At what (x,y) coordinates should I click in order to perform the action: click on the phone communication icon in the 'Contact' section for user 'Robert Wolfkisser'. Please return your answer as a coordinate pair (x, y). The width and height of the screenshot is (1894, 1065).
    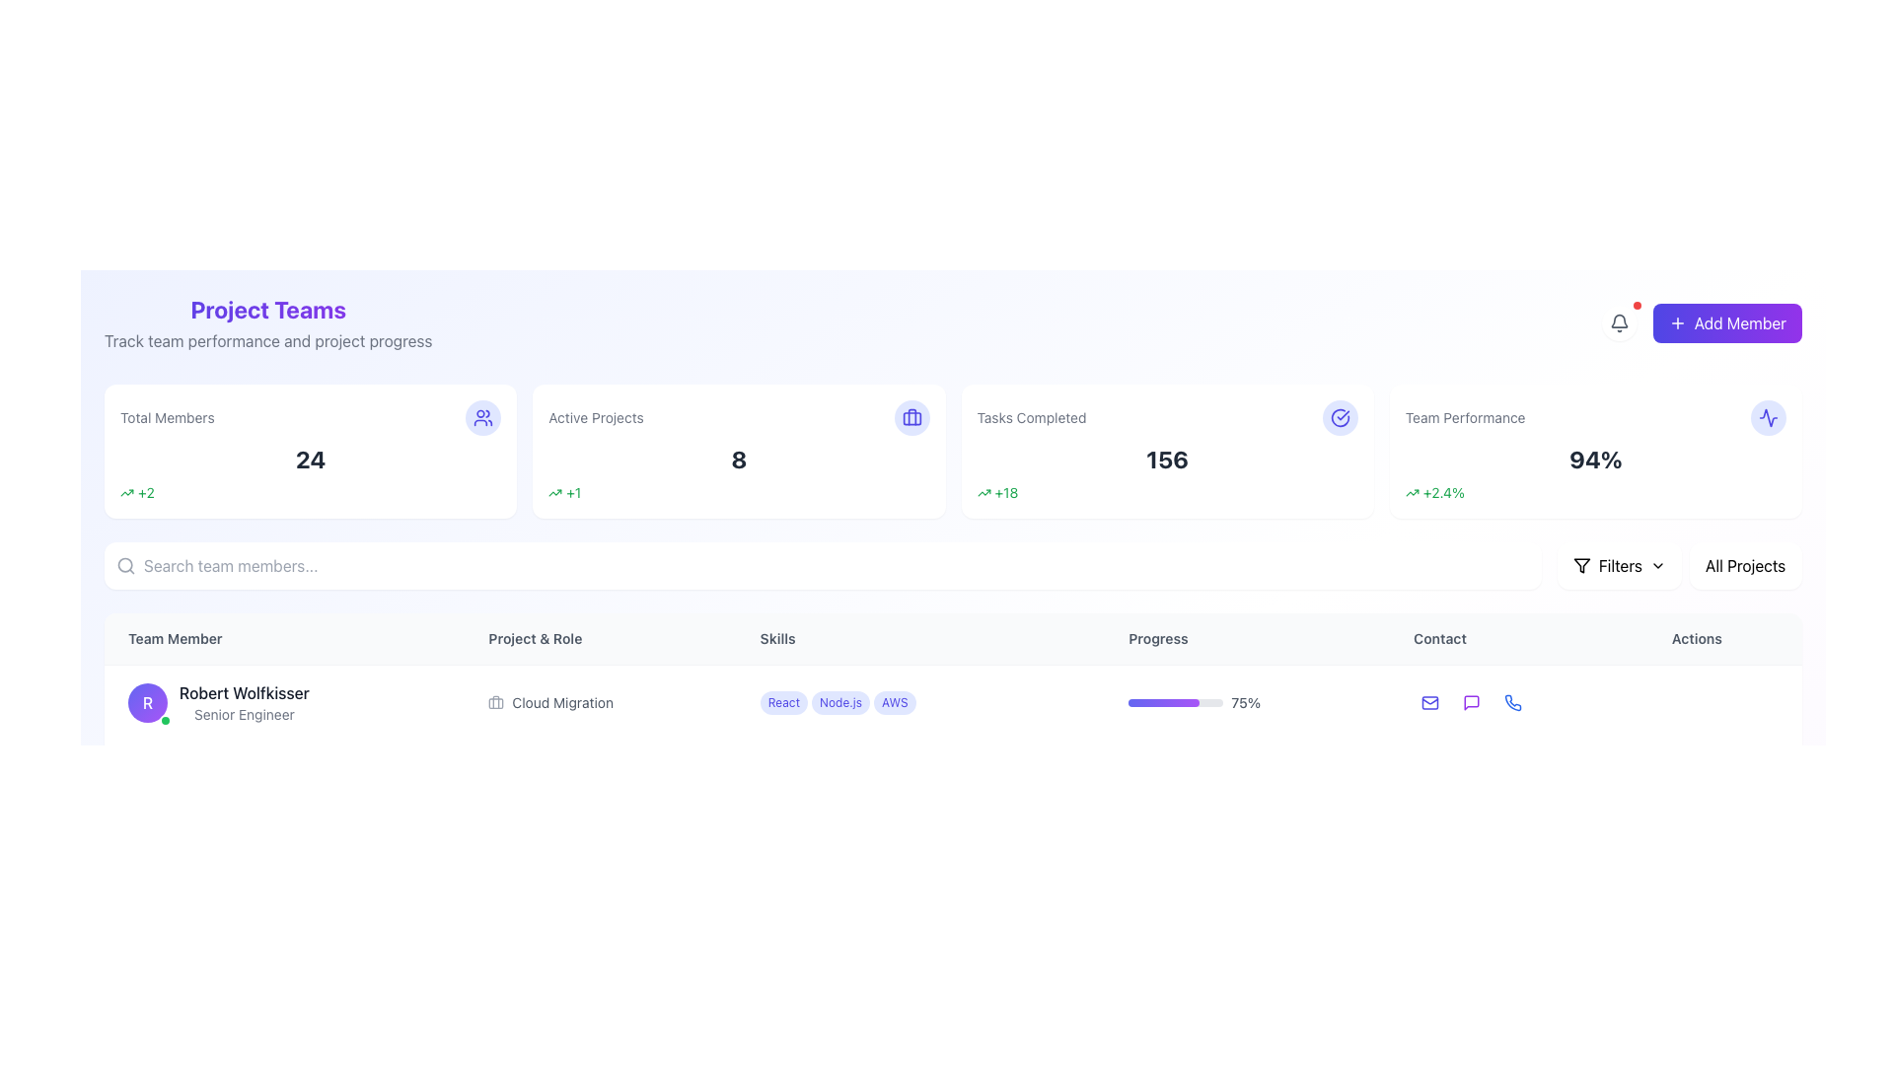
    Looking at the image, I should click on (1512, 702).